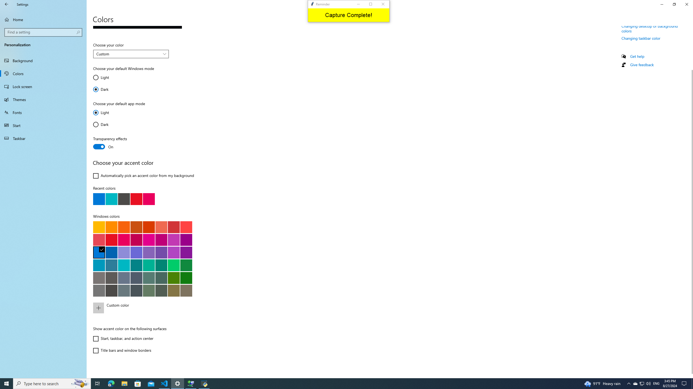 The width and height of the screenshot is (693, 389). Describe the element at coordinates (136, 265) in the screenshot. I see `'Seafoam teal'` at that location.